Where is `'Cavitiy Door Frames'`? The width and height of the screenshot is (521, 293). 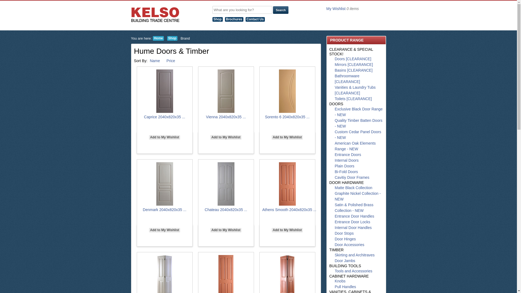
'Cavitiy Door Frames' is located at coordinates (352, 177).